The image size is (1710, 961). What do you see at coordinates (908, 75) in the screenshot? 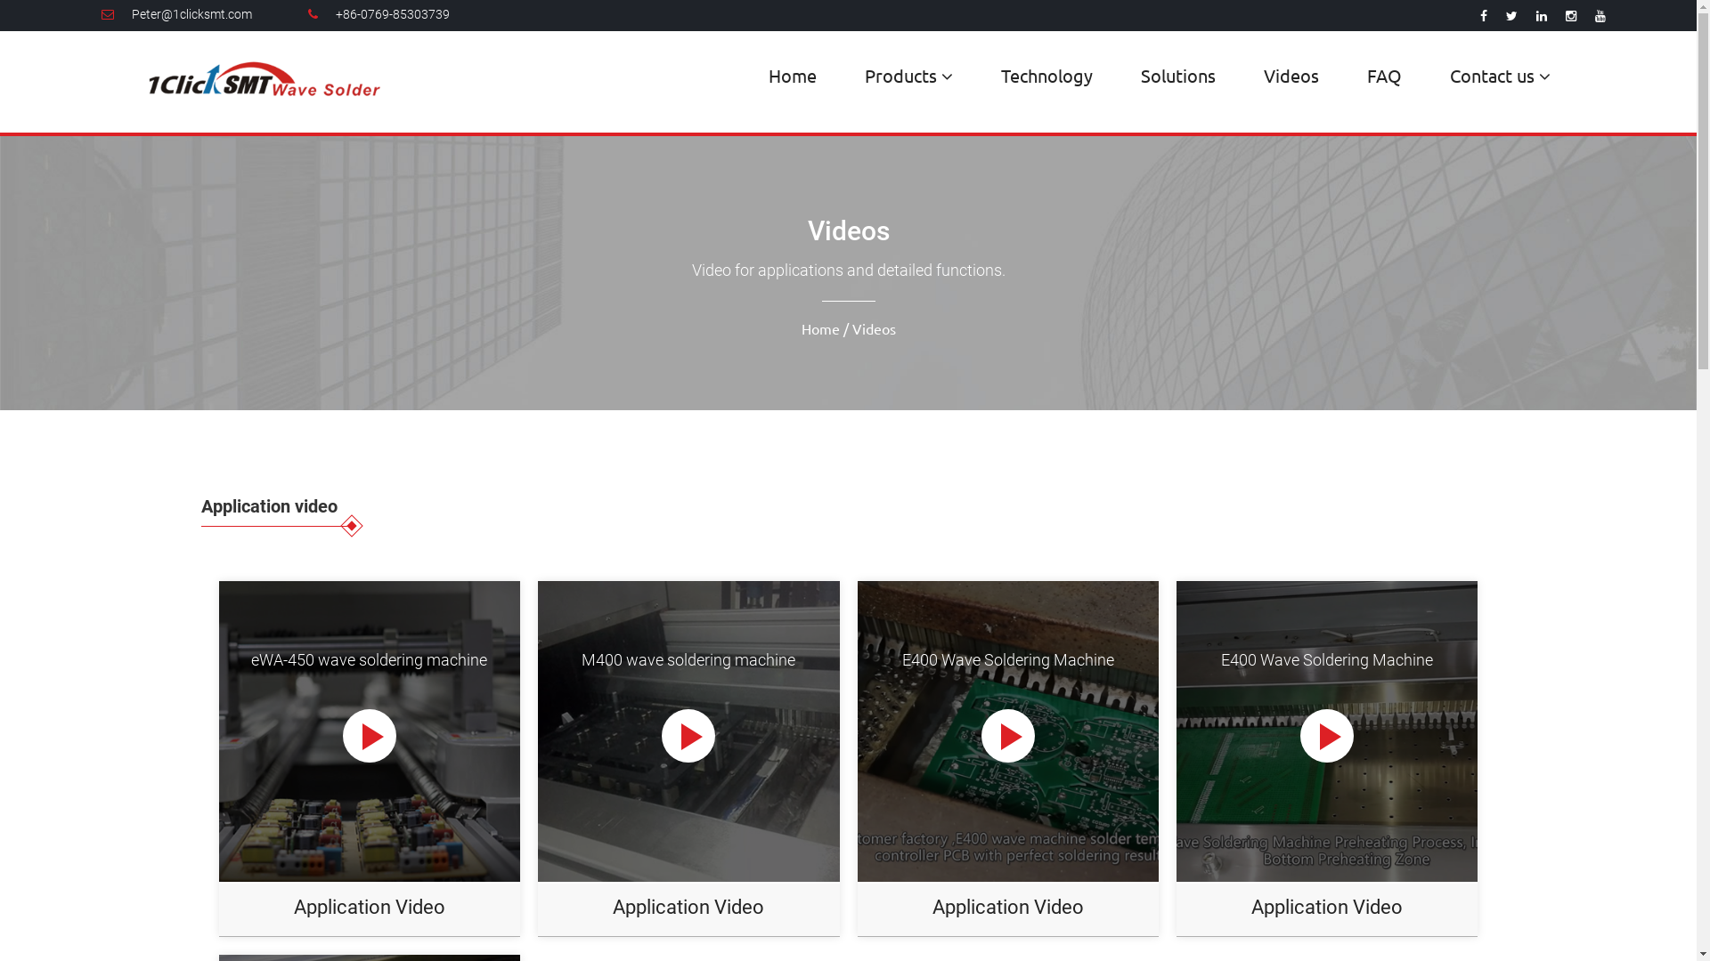
I see `'Products'` at bounding box center [908, 75].